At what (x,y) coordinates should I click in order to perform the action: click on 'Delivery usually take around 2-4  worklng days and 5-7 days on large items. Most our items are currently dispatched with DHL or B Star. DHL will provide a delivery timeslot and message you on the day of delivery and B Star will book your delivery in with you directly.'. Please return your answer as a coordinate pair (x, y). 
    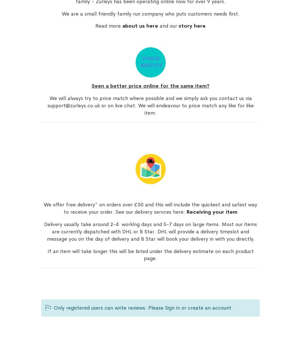
    Looking at the image, I should click on (150, 231).